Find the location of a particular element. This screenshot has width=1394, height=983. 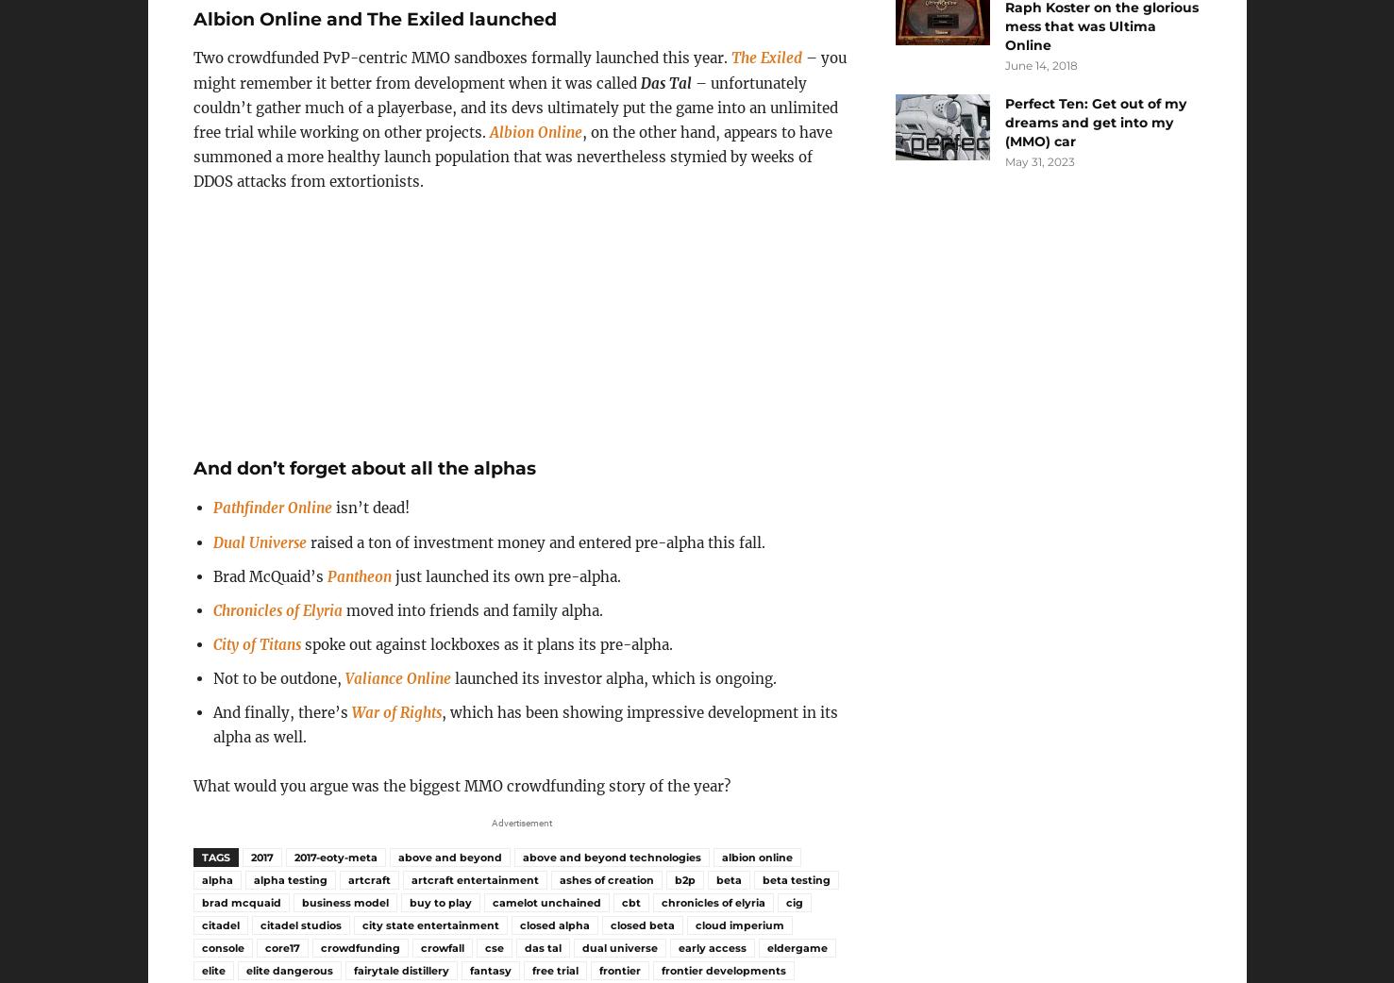

'Pantheon' is located at coordinates (358, 575).